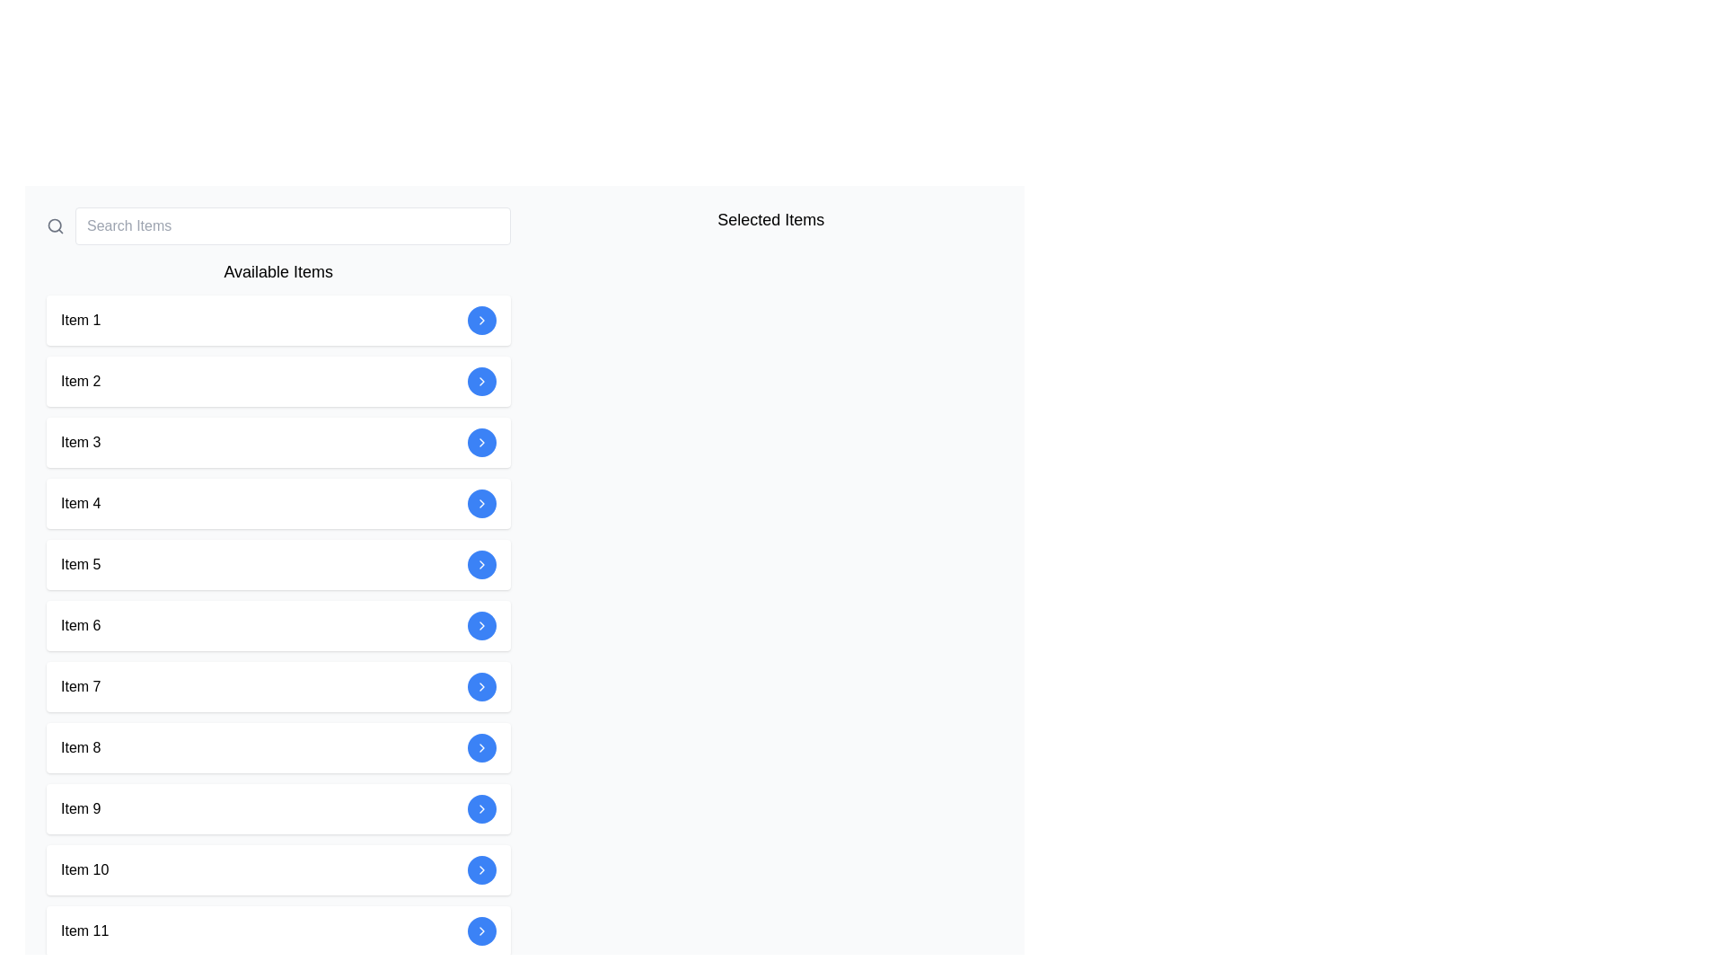 This screenshot has width=1724, height=970. Describe the element at coordinates (481, 380) in the screenshot. I see `the button associated with 'Item 2' located on the right side within the 'Available Items' section` at that location.